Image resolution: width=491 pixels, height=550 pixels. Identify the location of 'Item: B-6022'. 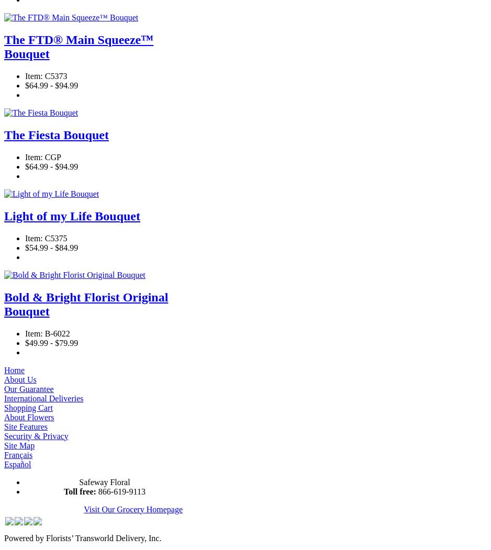
(25, 332).